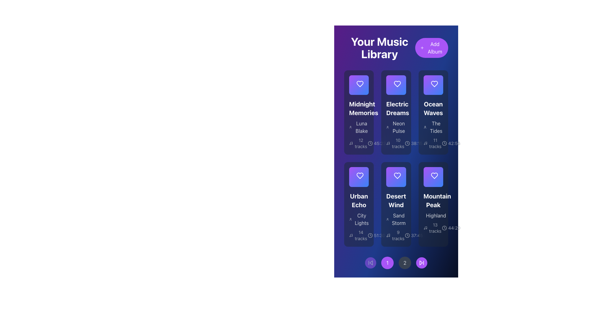 The height and width of the screenshot is (336, 598). Describe the element at coordinates (376, 235) in the screenshot. I see `the informational label displaying the time value '51:30' with a clock icon on the left, located within the 'Urban Echo' card, positioned after '14 tracks' and the music icon` at that location.